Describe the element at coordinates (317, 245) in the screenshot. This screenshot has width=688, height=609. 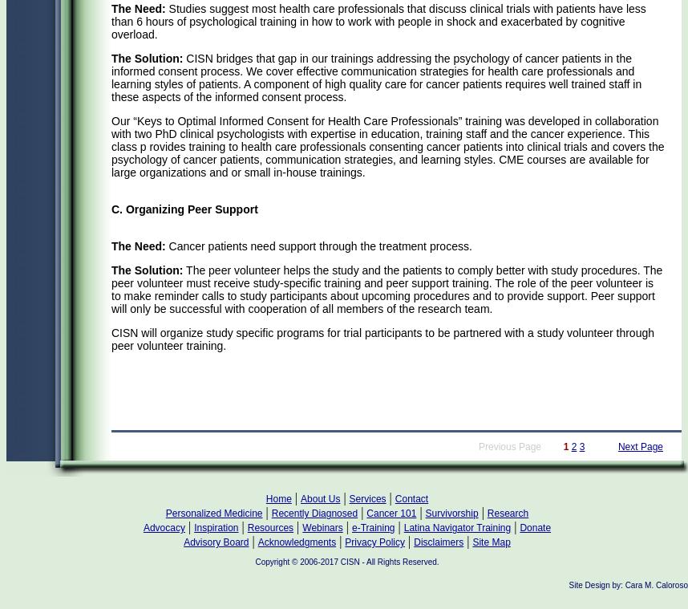
I see `'Cancer patients need support through the treatment process.'` at that location.